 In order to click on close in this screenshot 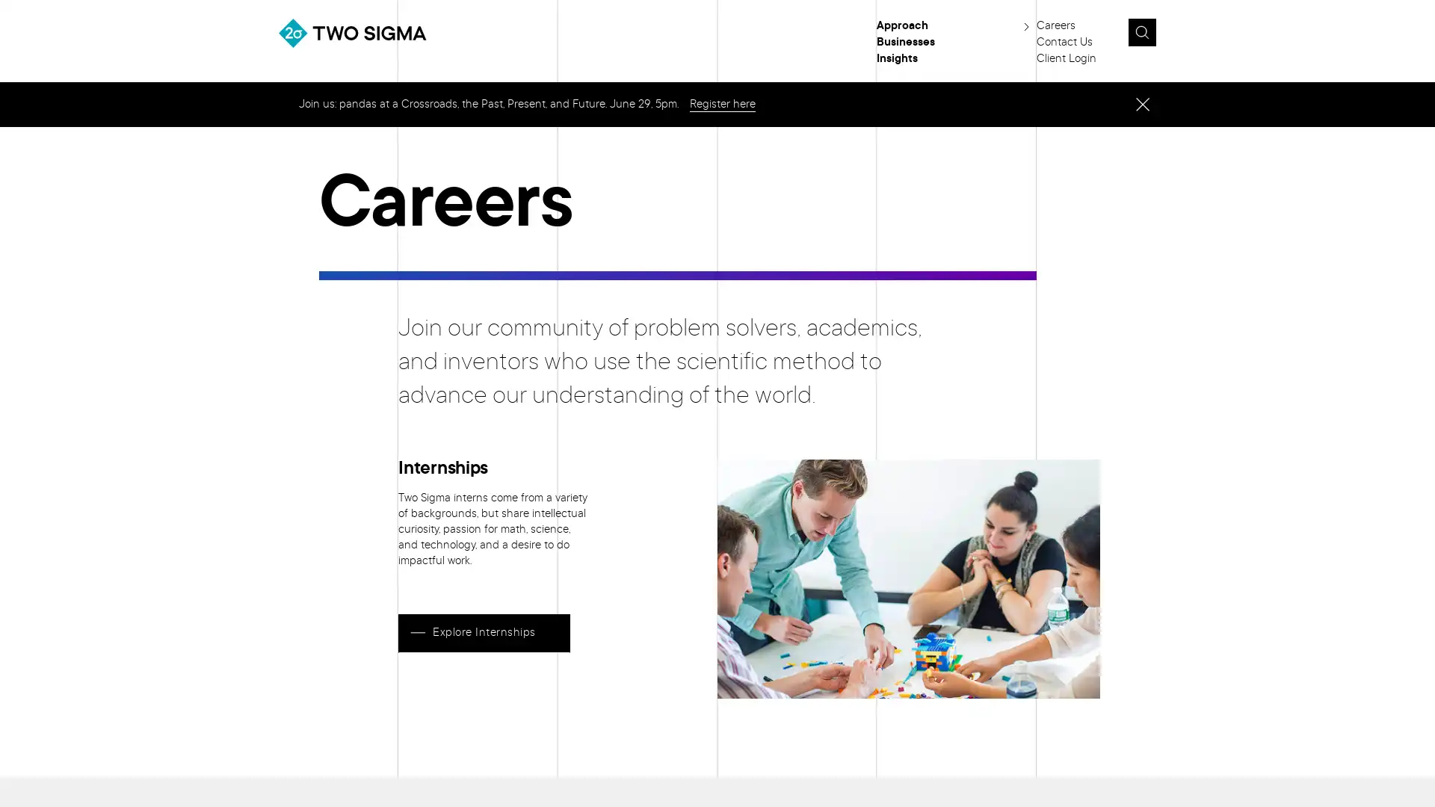, I will do `click(1141, 103)`.